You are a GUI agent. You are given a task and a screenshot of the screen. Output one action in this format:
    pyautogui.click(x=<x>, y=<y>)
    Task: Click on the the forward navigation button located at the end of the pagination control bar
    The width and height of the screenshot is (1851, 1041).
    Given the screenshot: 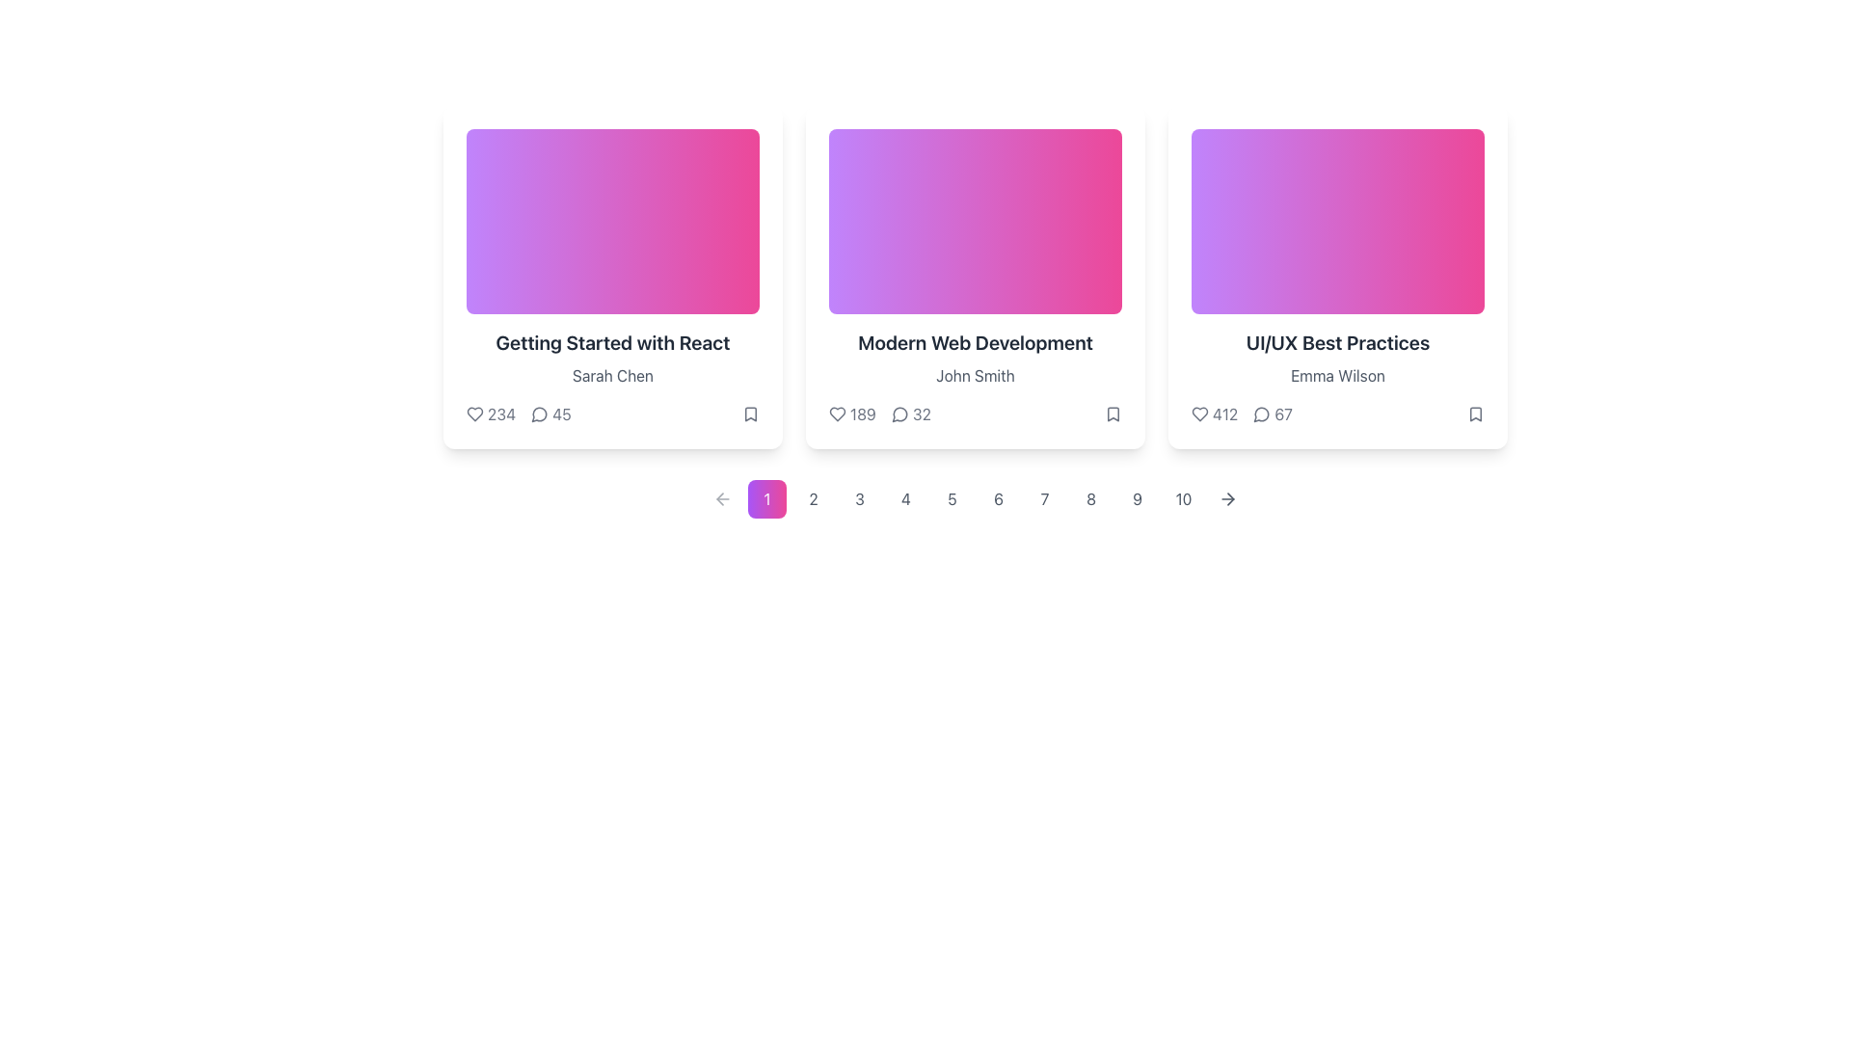 What is the action you would take?
    pyautogui.click(x=1226, y=497)
    